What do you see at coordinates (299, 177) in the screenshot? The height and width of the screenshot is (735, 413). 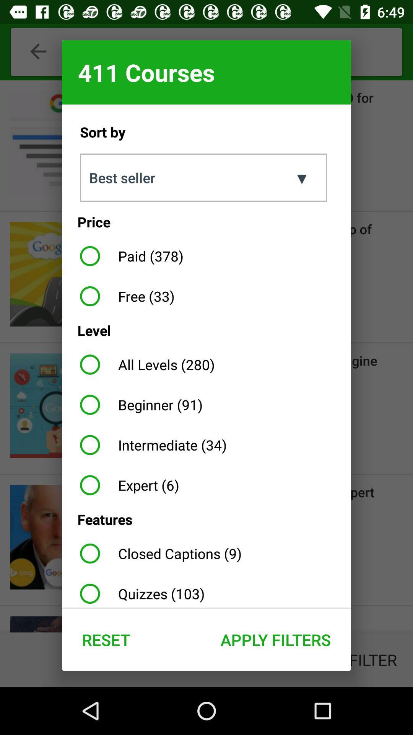 I see `item below 411 courses` at bounding box center [299, 177].